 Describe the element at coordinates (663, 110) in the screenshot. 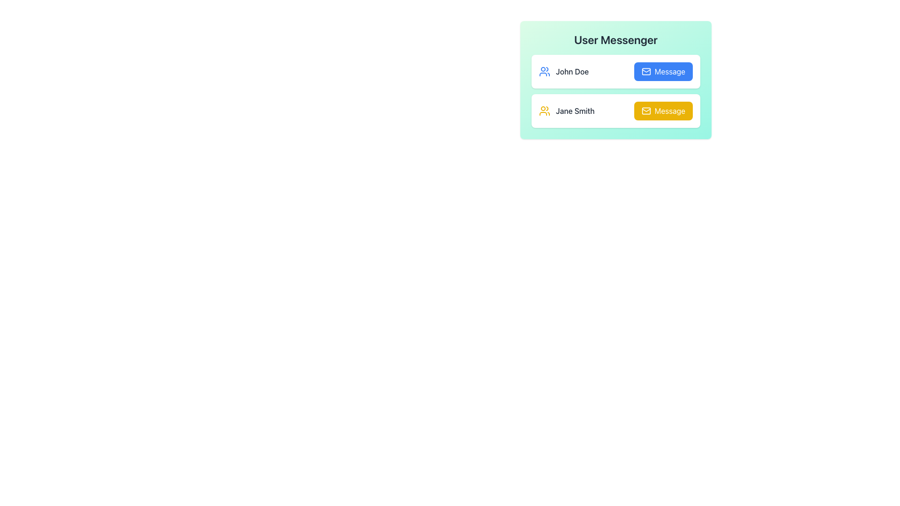

I see `the button located in the second row of the user card section to send a message to 'Jane Smith'` at that location.